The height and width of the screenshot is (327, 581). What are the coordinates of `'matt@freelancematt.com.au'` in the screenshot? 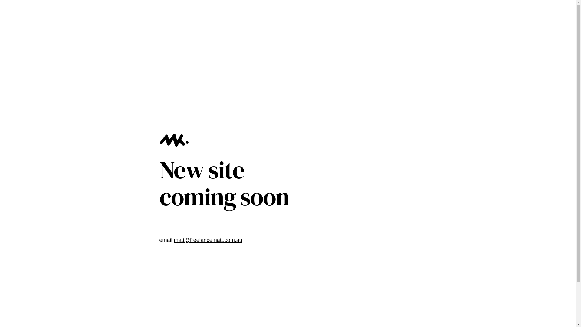 It's located at (208, 240).